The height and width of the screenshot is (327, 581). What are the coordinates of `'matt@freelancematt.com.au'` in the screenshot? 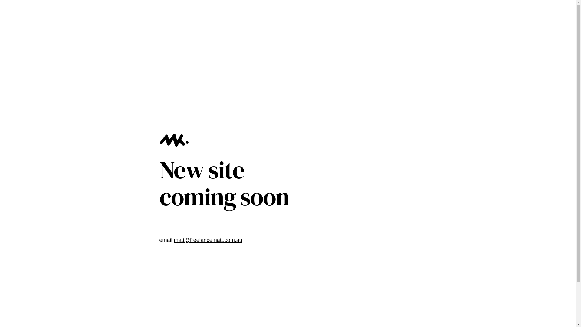 It's located at (208, 240).